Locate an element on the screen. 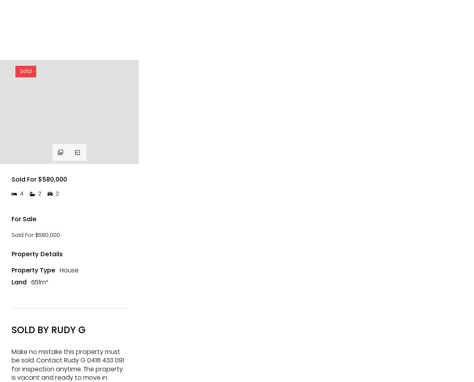 The width and height of the screenshot is (474, 382). 'Request a contract of sale' is located at coordinates (27, 296).